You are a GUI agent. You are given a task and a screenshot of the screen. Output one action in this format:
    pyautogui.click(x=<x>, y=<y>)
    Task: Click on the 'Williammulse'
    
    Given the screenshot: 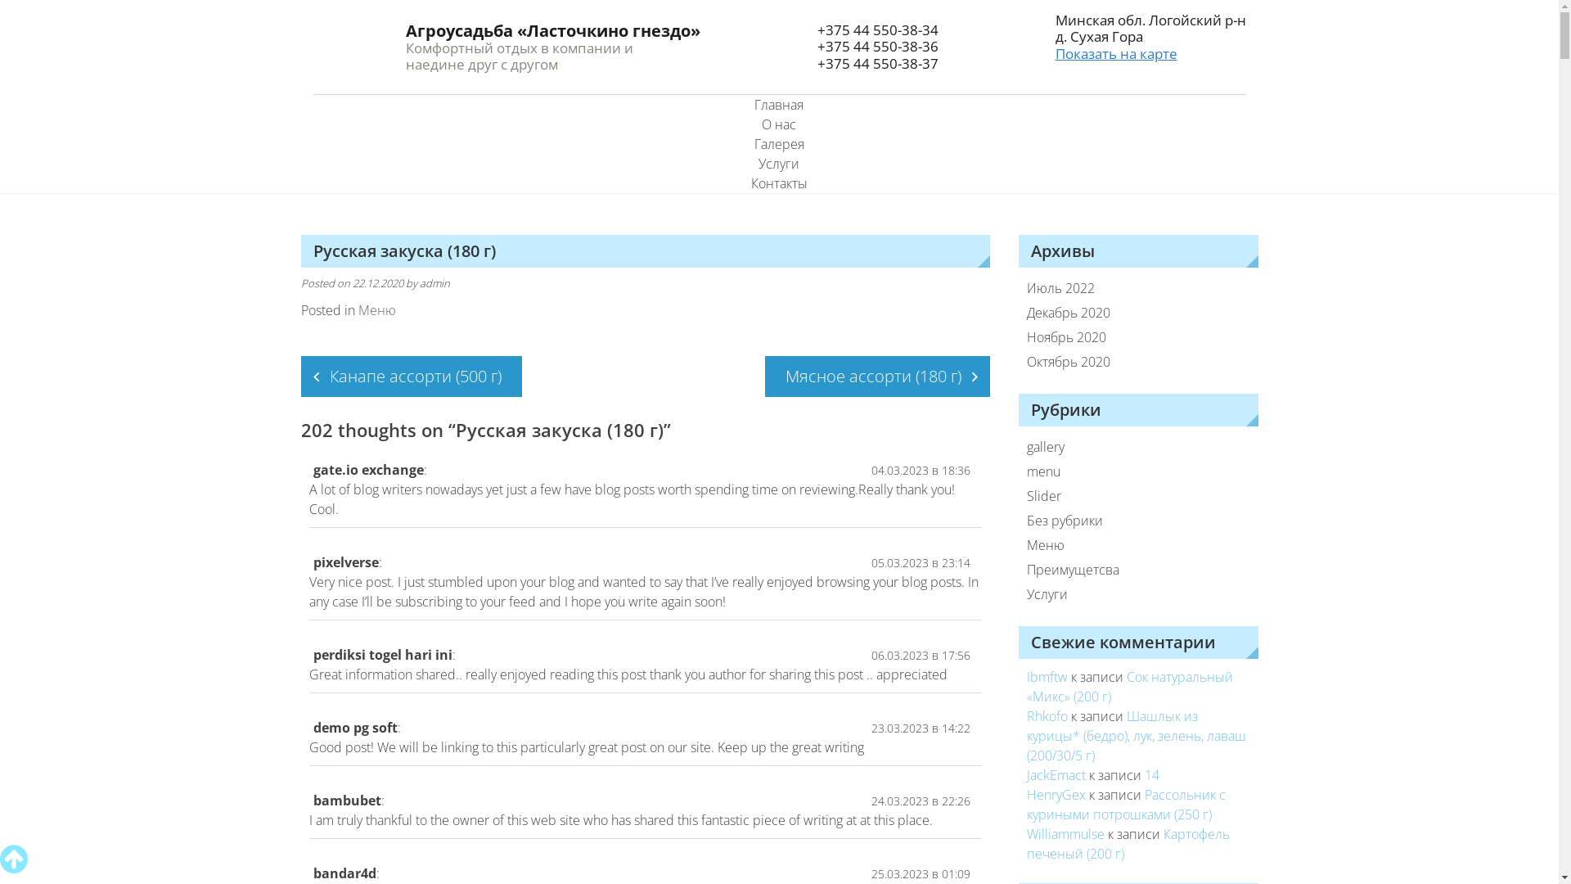 What is the action you would take?
    pyautogui.click(x=1065, y=833)
    